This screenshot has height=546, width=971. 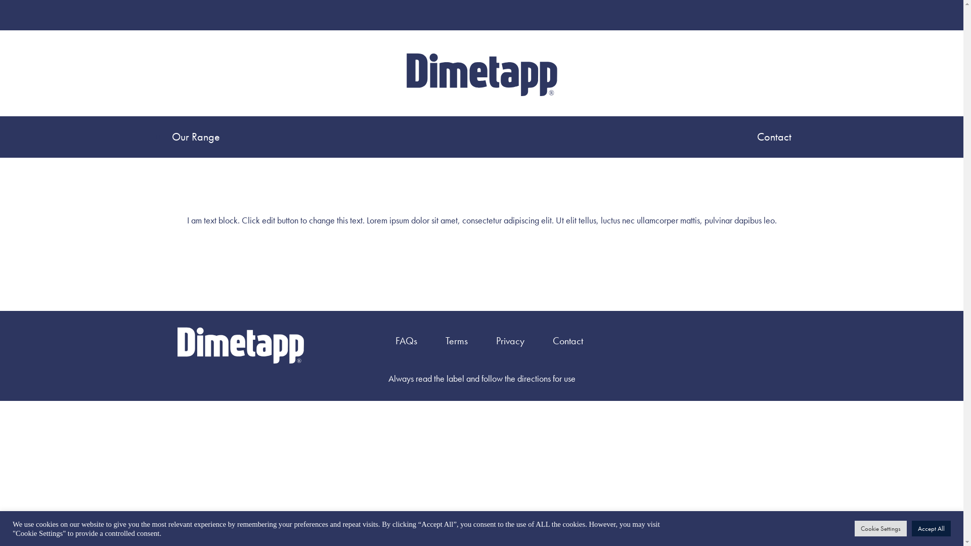 I want to click on 'Contact', so click(x=568, y=341).